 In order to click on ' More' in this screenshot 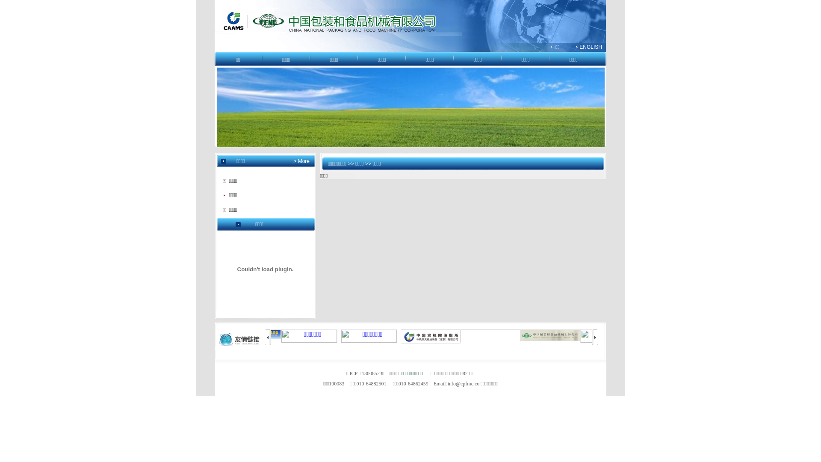, I will do `click(303, 161)`.